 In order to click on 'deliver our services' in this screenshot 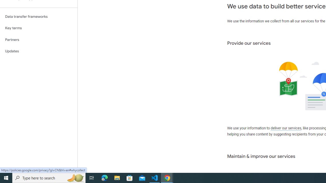, I will do `click(286, 128)`.